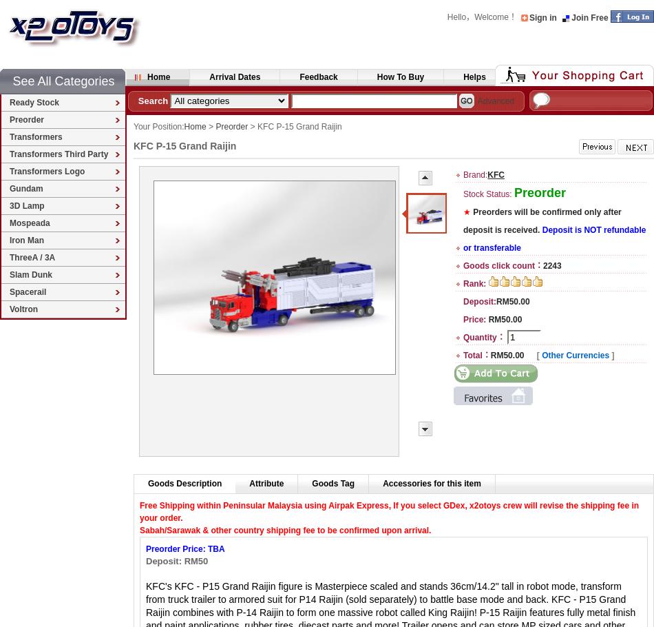  I want to click on 'KFC', so click(487, 174).